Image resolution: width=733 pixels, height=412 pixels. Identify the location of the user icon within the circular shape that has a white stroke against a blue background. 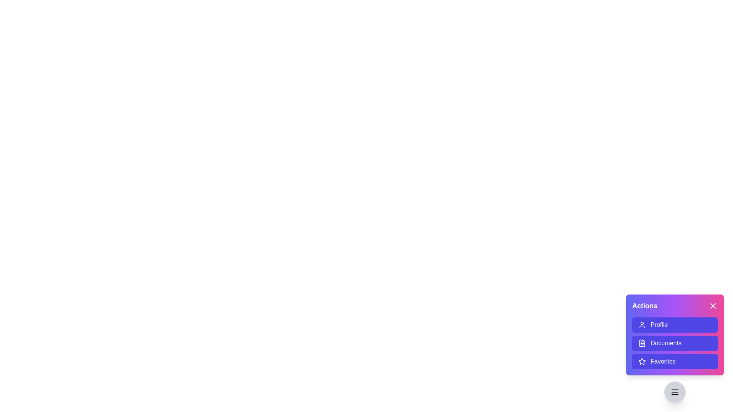
(641, 325).